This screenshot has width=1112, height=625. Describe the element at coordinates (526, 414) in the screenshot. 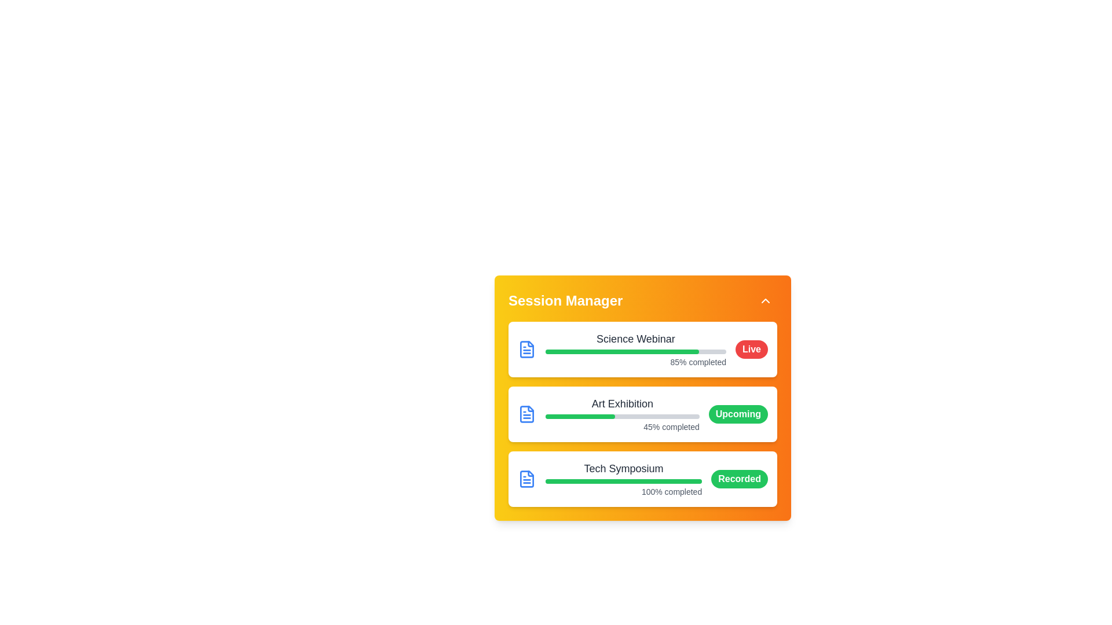

I see `the Icon representing a file or document located at the top of the list of three elements labeled 'Science Webinar', 'Art Exhibition', and 'Tech Symposium'` at that location.